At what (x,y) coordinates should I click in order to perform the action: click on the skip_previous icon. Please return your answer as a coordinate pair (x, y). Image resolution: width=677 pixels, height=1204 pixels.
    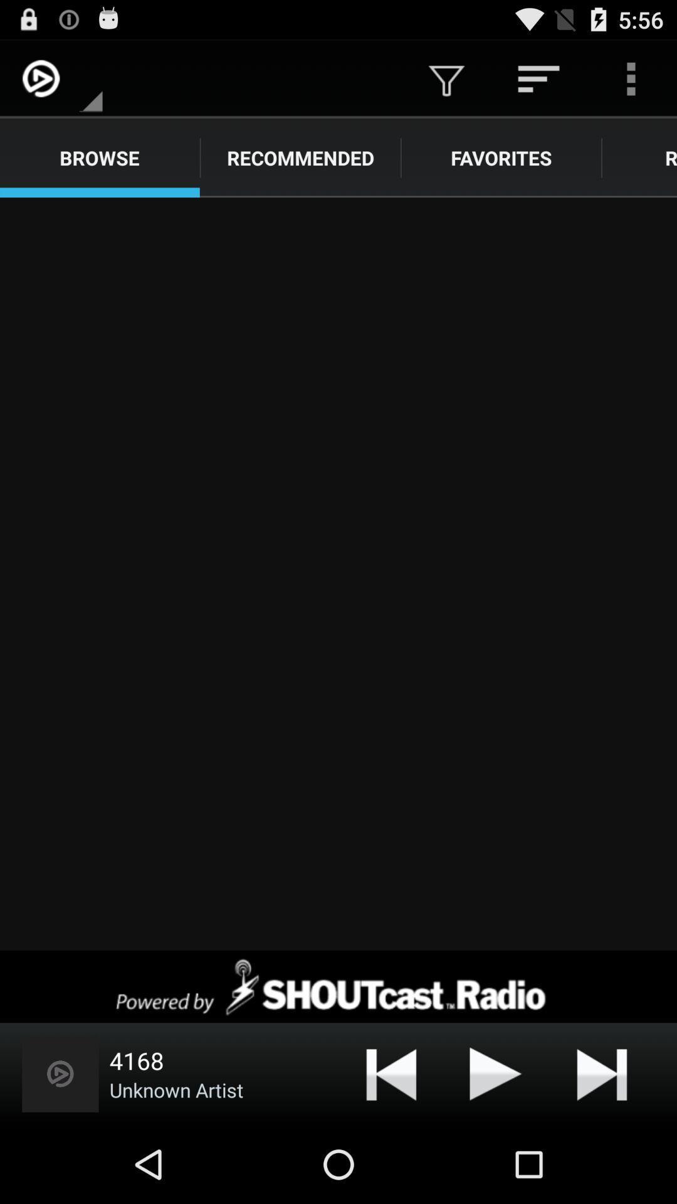
    Looking at the image, I should click on (391, 1149).